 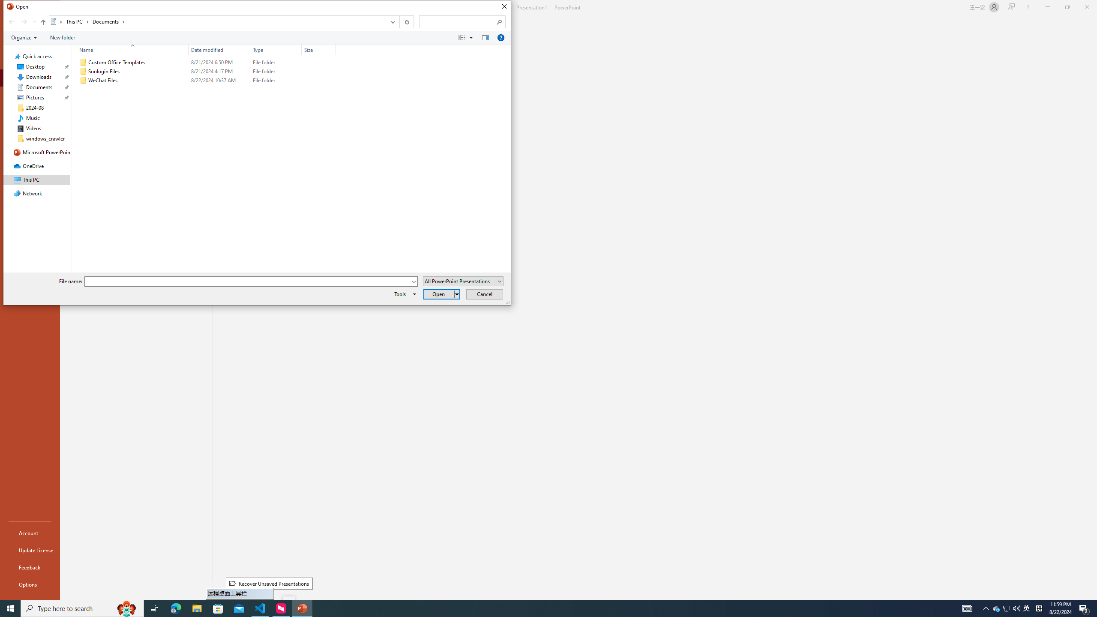 What do you see at coordinates (403, 294) in the screenshot?
I see `'Tools'` at bounding box center [403, 294].